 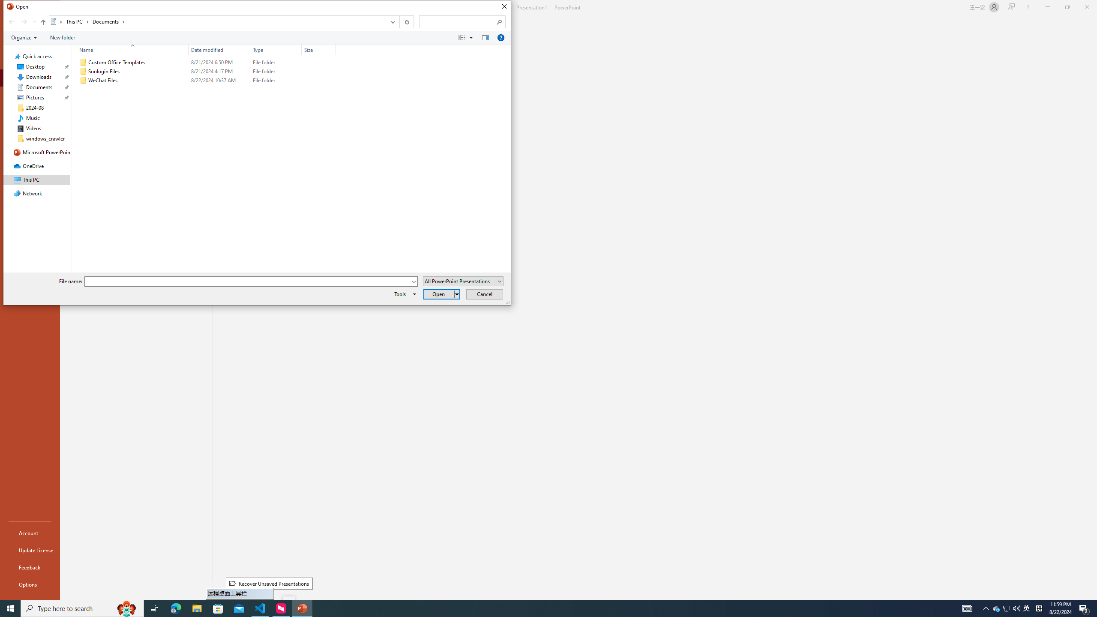 What do you see at coordinates (403, 294) in the screenshot?
I see `'Tools'` at bounding box center [403, 294].